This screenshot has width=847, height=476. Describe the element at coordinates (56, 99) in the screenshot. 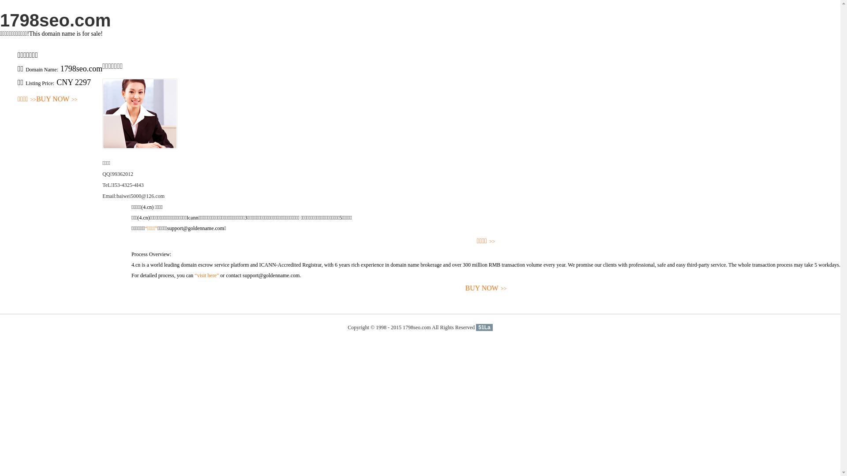

I see `'BUY NOW>>'` at that location.